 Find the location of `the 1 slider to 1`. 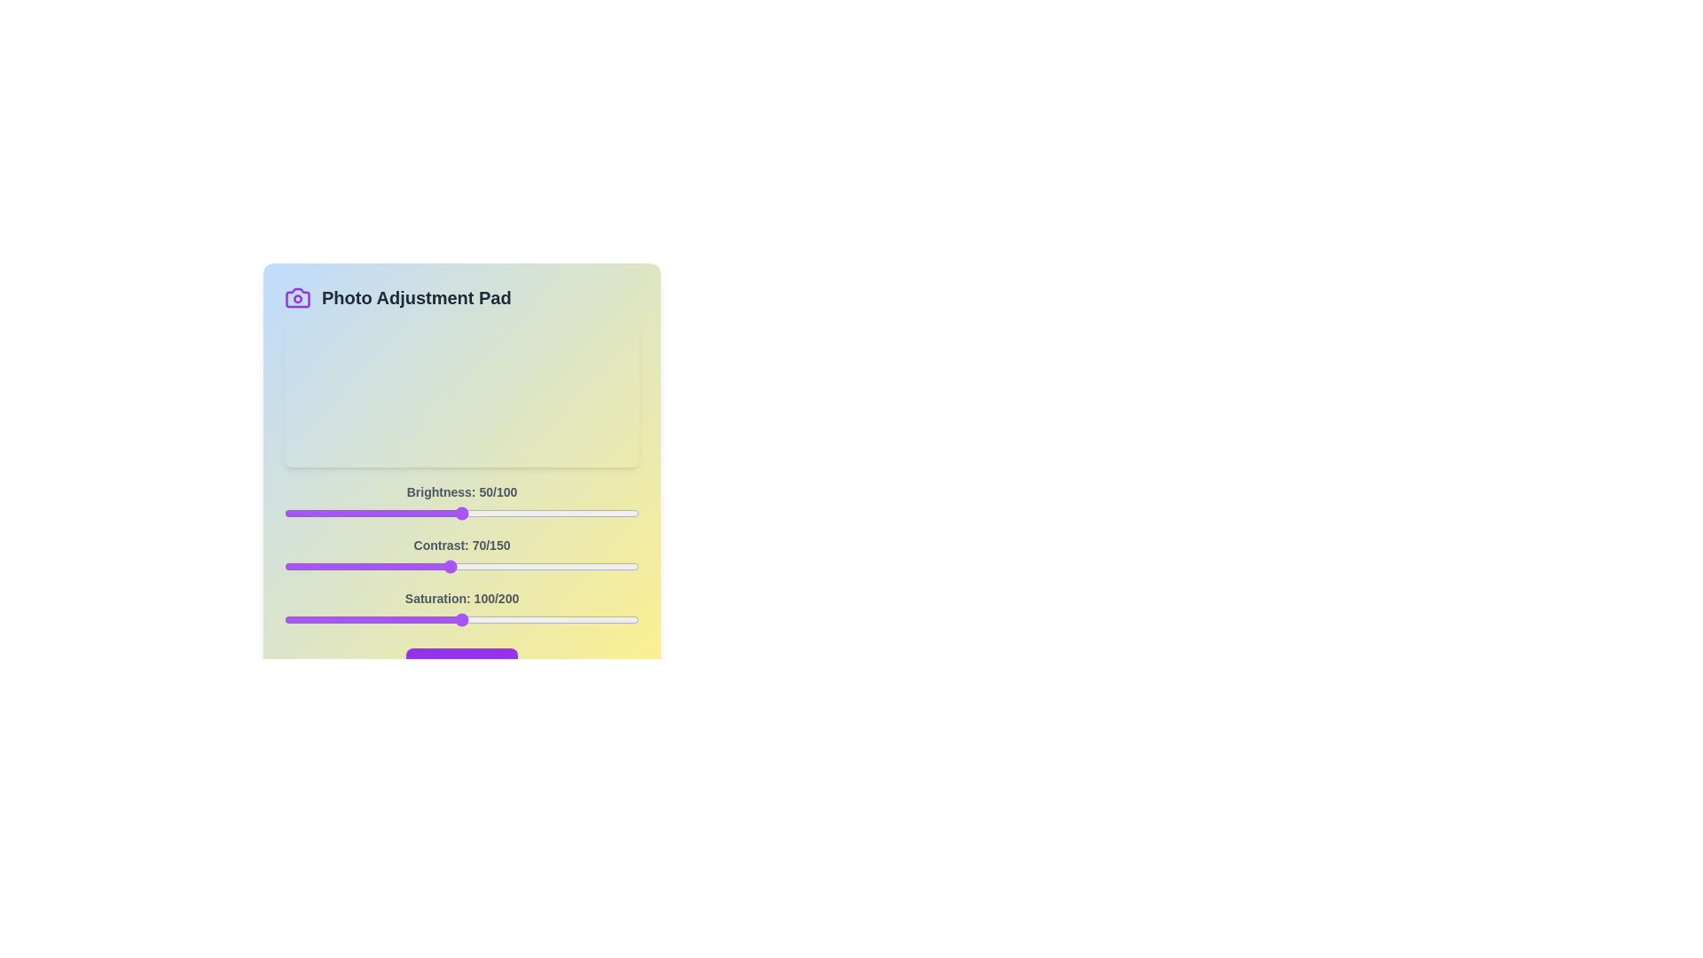

the 1 slider to 1 is located at coordinates (286, 567).